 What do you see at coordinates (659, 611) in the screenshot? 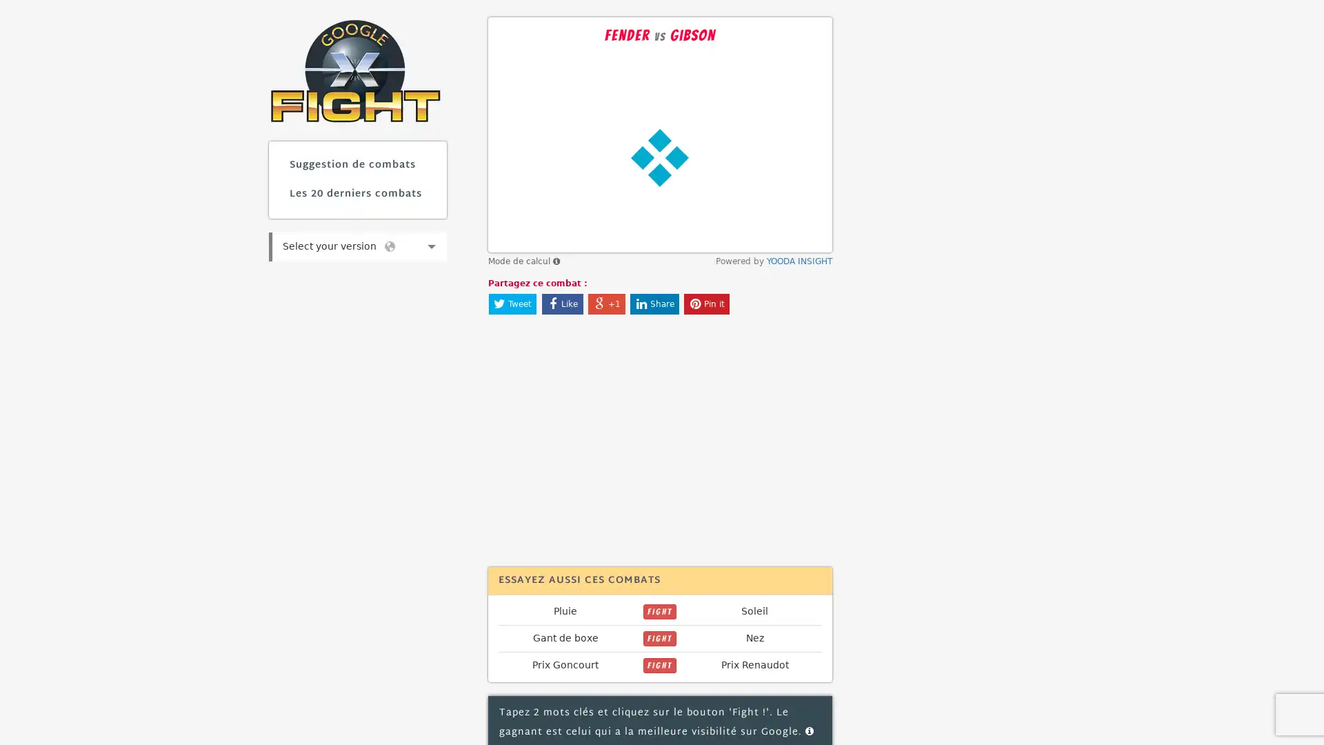
I see `FIGHT` at bounding box center [659, 611].